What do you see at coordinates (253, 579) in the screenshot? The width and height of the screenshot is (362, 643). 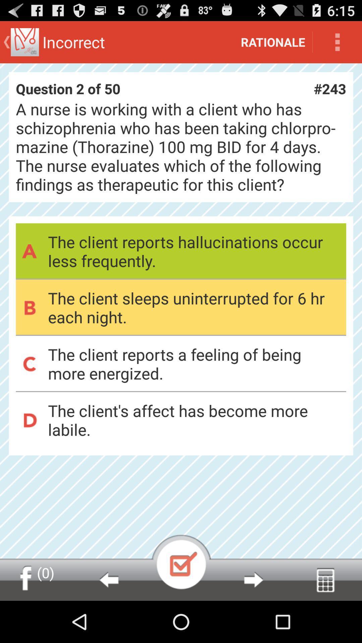 I see `next option` at bounding box center [253, 579].